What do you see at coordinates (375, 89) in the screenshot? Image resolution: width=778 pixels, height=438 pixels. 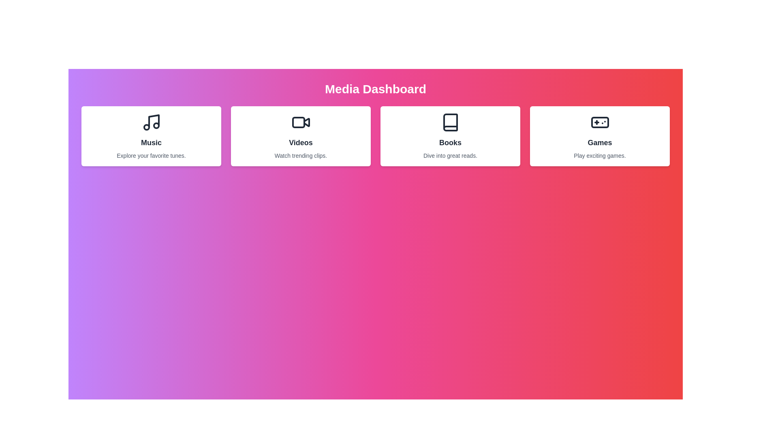 I see `text content of the title heading labeled 'Media Dashboard' located centrally in the header section above the grid of features` at bounding box center [375, 89].